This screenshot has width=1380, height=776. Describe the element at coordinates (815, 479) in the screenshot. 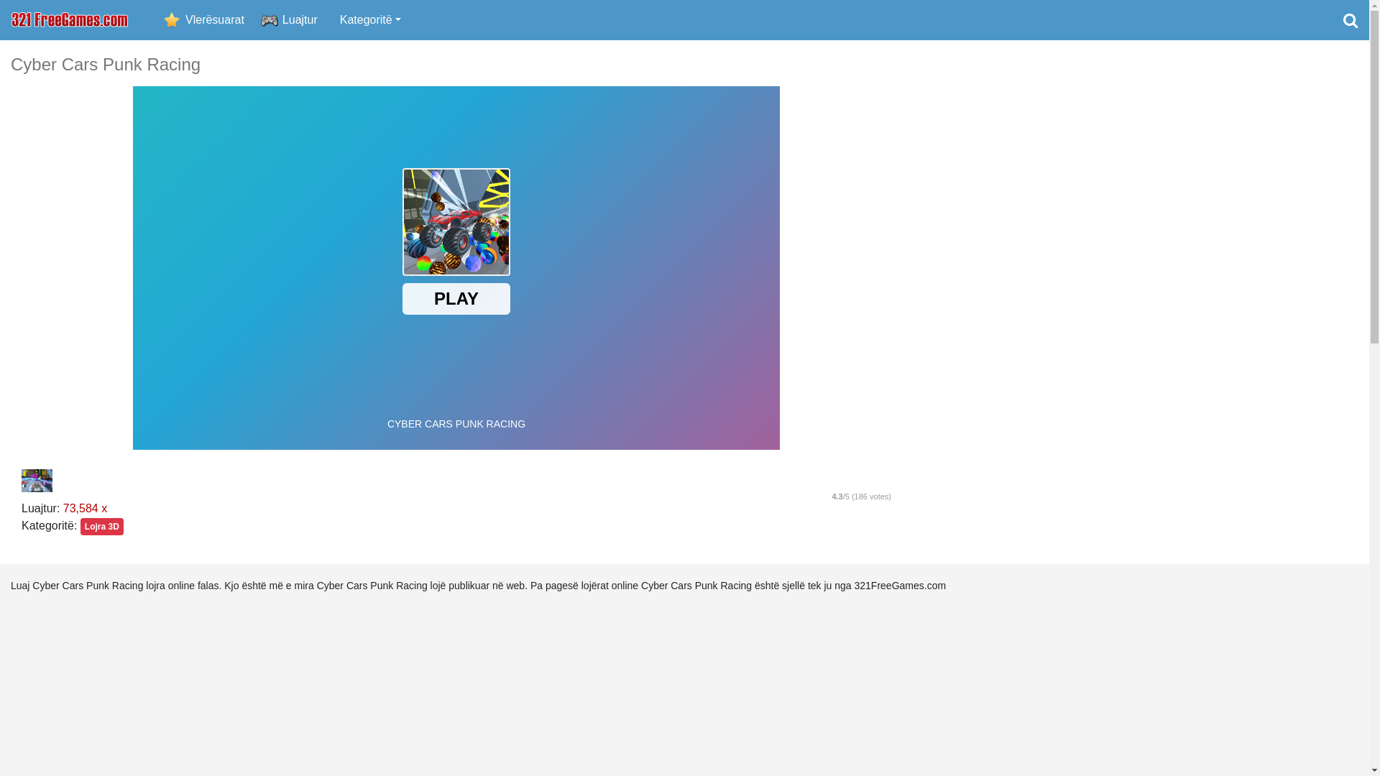

I see `'2'` at that location.